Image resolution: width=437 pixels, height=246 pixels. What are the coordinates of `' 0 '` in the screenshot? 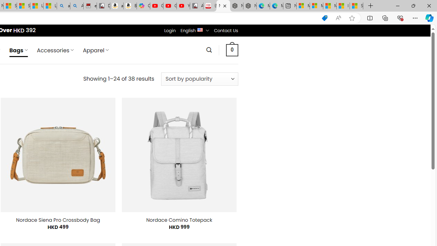 It's located at (232, 50).